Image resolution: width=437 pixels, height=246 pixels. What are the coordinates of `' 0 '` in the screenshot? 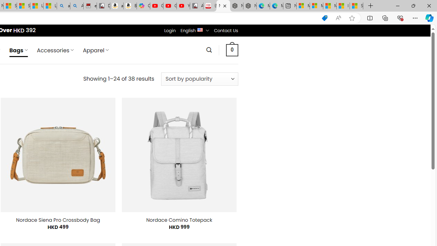 It's located at (232, 50).